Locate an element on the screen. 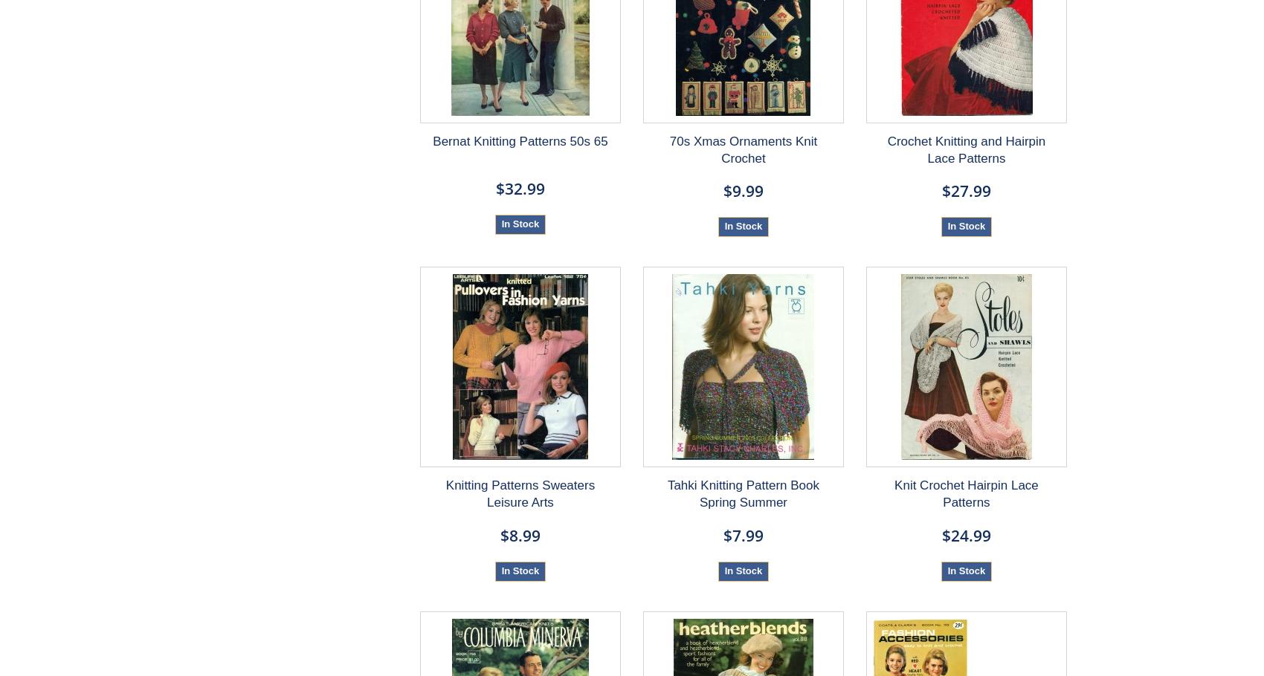 This screenshot has width=1264, height=676. '$24.99' is located at coordinates (940, 533).